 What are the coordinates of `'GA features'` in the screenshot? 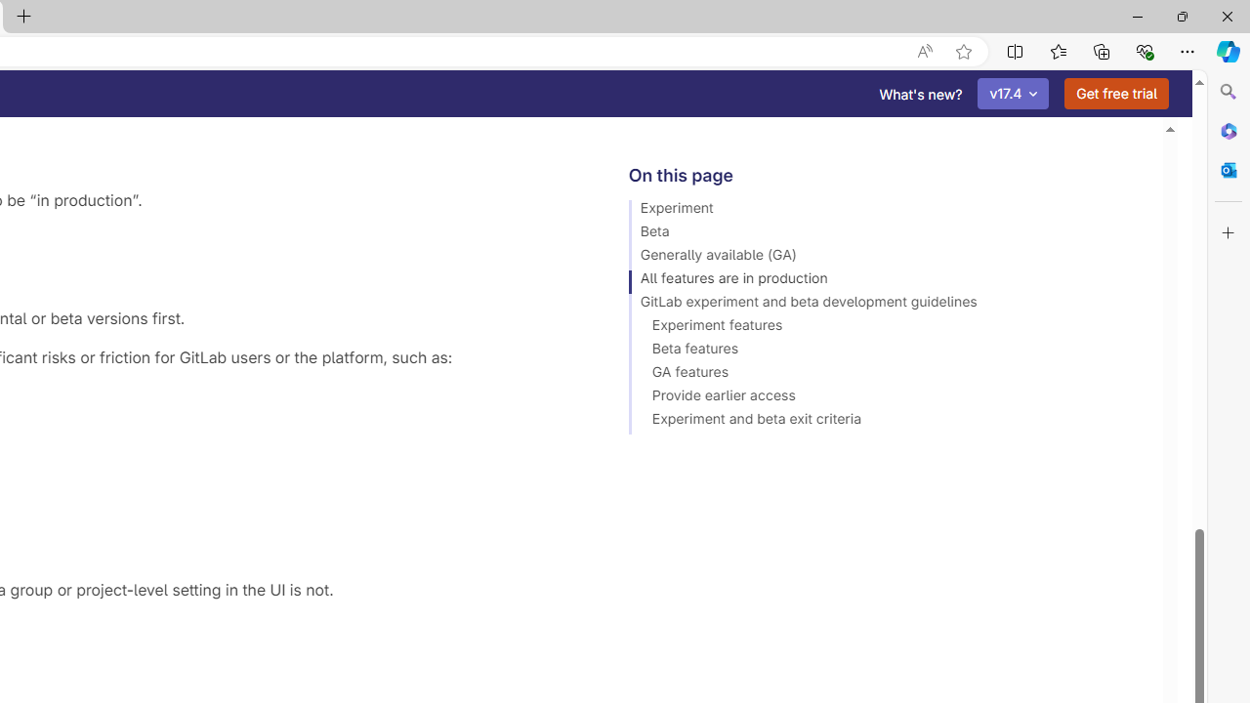 It's located at (886, 375).